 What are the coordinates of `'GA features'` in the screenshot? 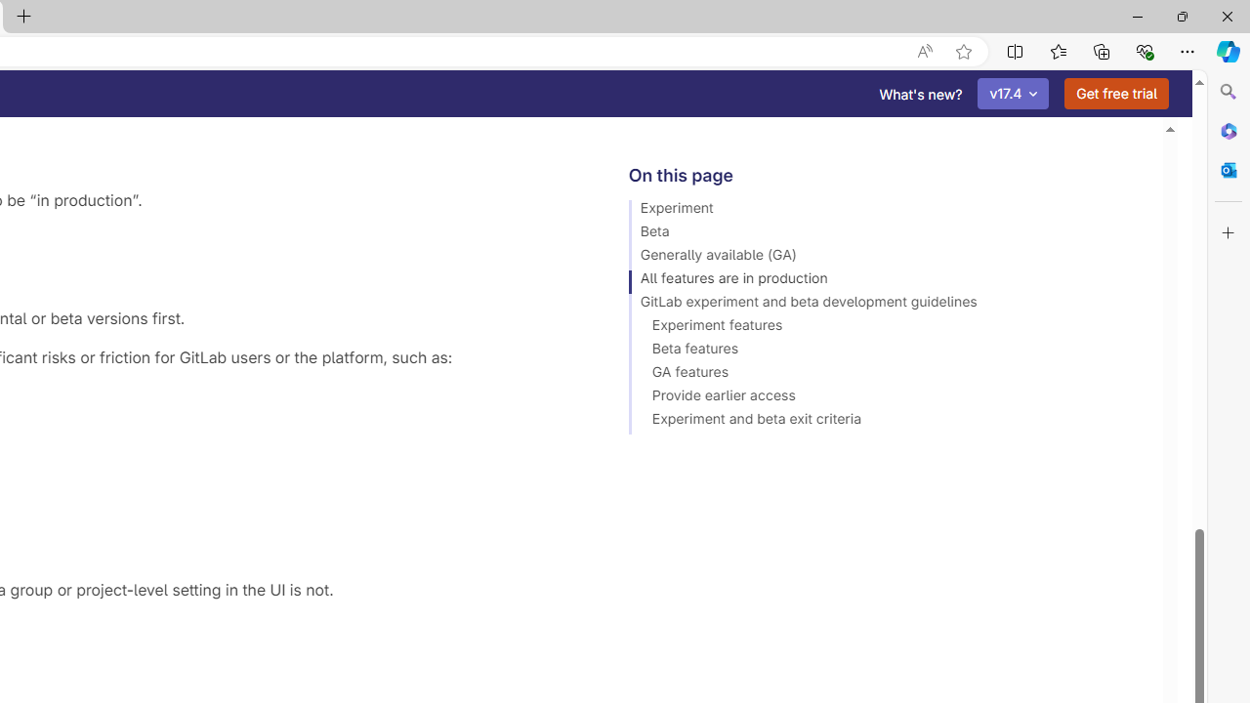 It's located at (886, 375).